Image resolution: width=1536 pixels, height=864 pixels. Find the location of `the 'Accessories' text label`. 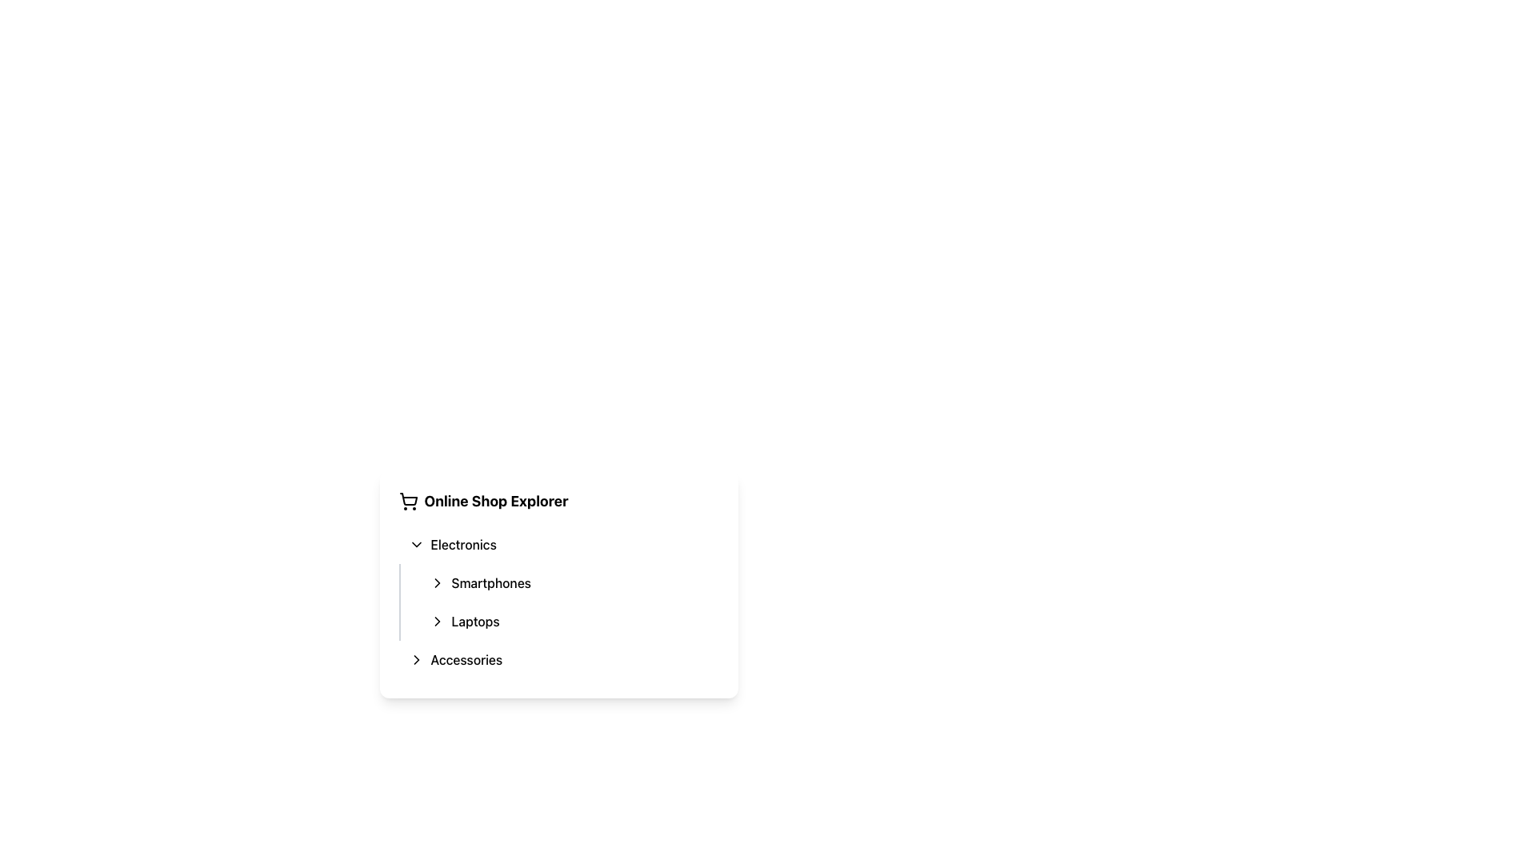

the 'Accessories' text label is located at coordinates (466, 660).